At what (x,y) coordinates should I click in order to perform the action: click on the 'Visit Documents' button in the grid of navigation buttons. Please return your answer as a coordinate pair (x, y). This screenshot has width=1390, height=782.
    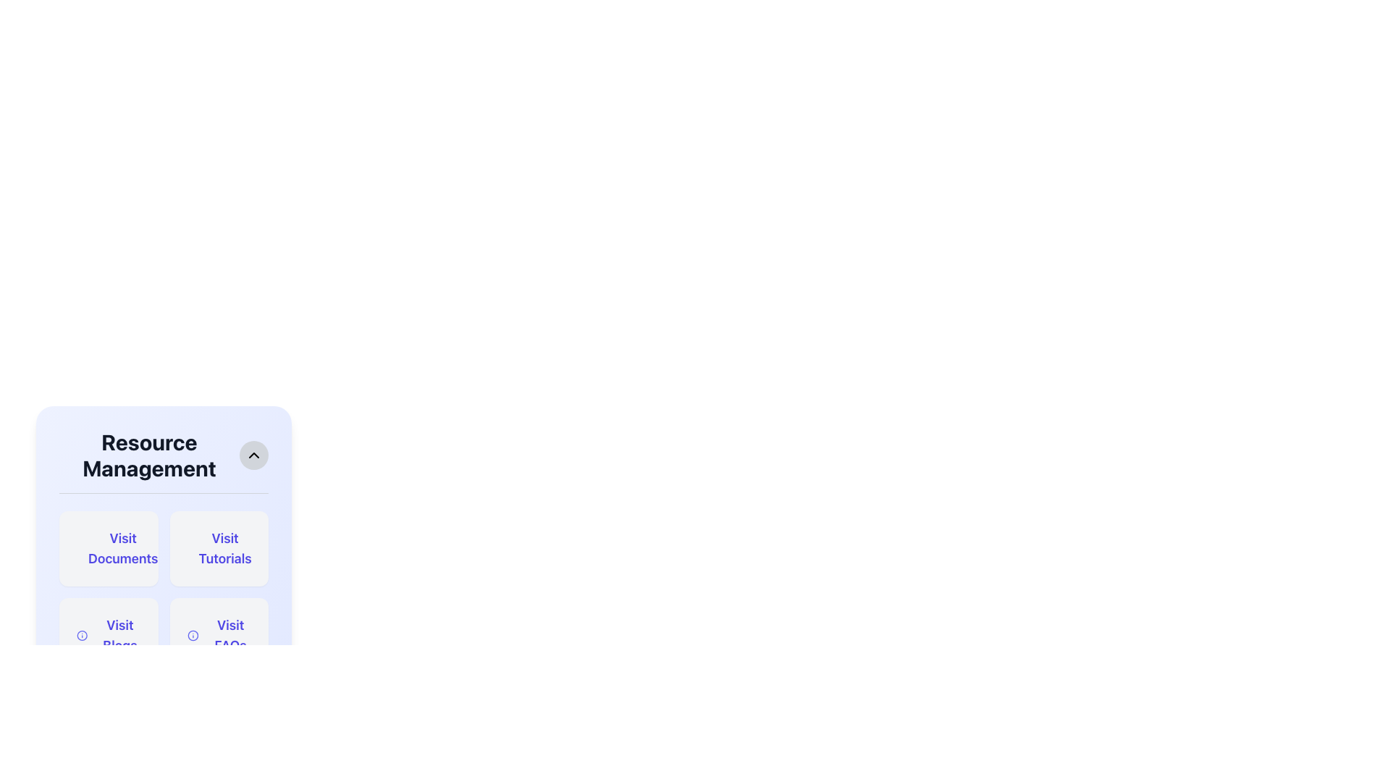
    Looking at the image, I should click on (164, 592).